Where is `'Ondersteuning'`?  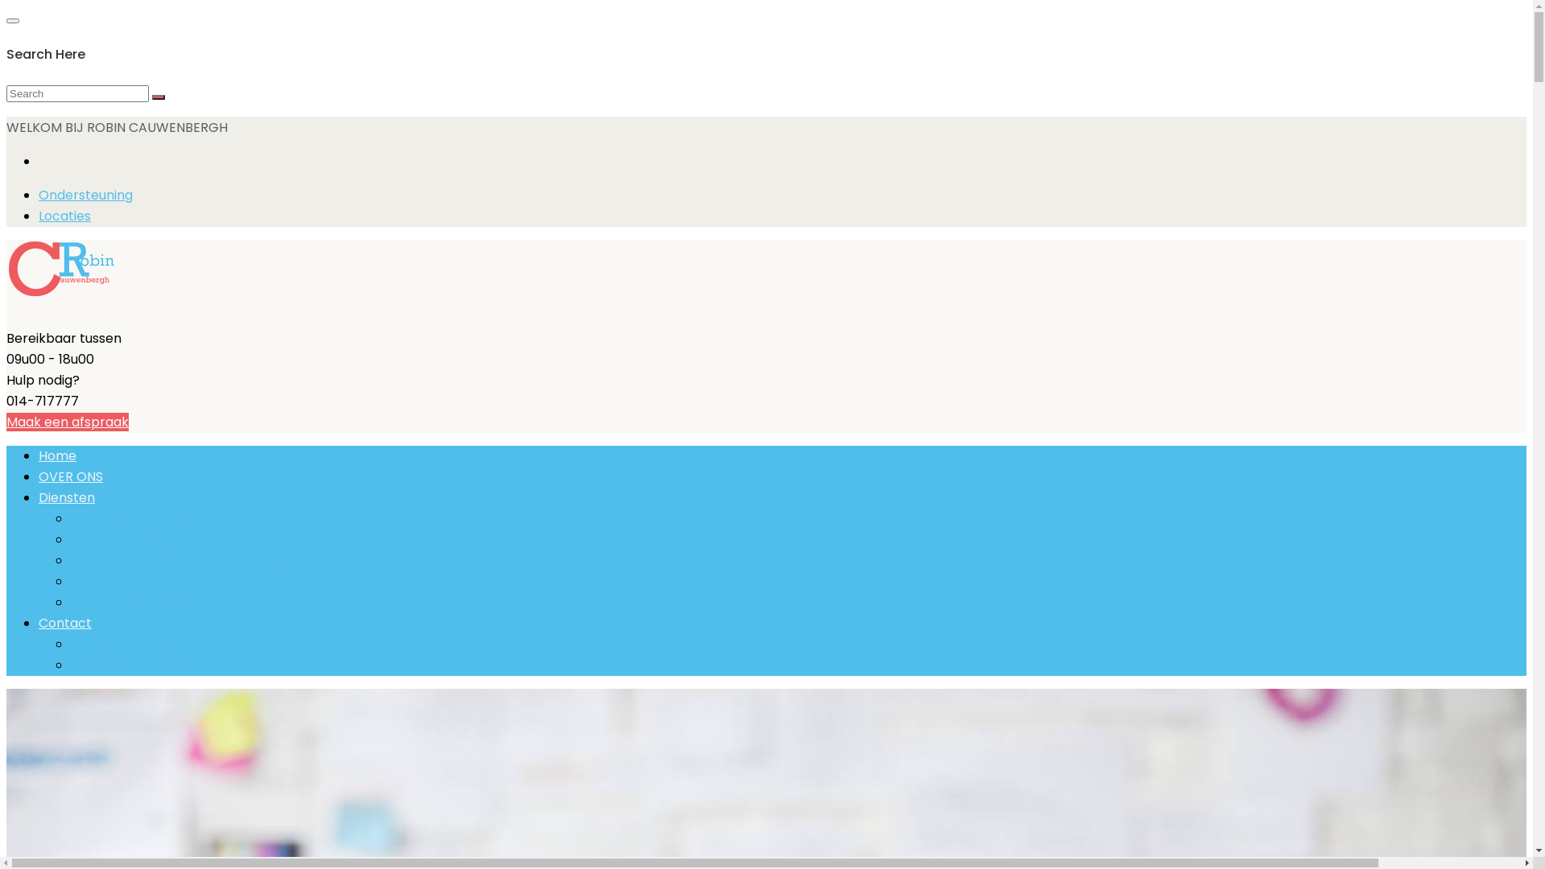 'Ondersteuning' is located at coordinates (84, 194).